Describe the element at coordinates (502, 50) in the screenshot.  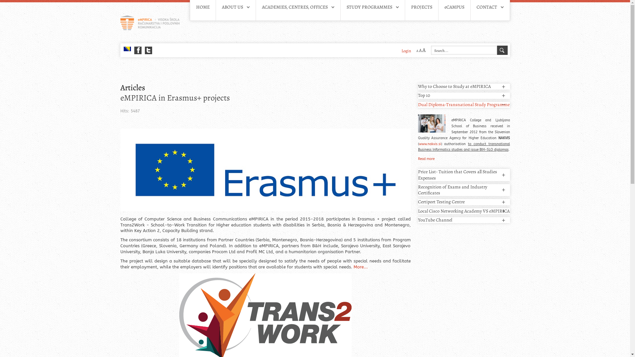
I see `'Find'` at that location.